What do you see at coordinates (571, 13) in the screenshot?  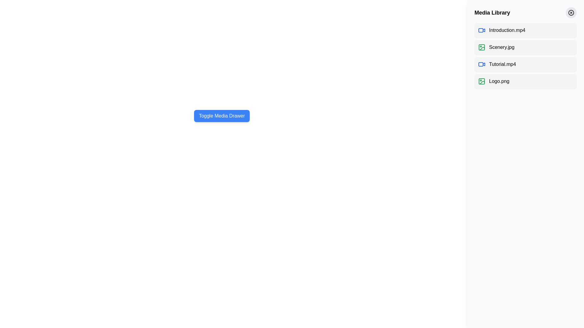 I see `the center of the circular close button with an 'X' mark inside, located on the right-hand side of the 'Media Library' section's header` at bounding box center [571, 13].